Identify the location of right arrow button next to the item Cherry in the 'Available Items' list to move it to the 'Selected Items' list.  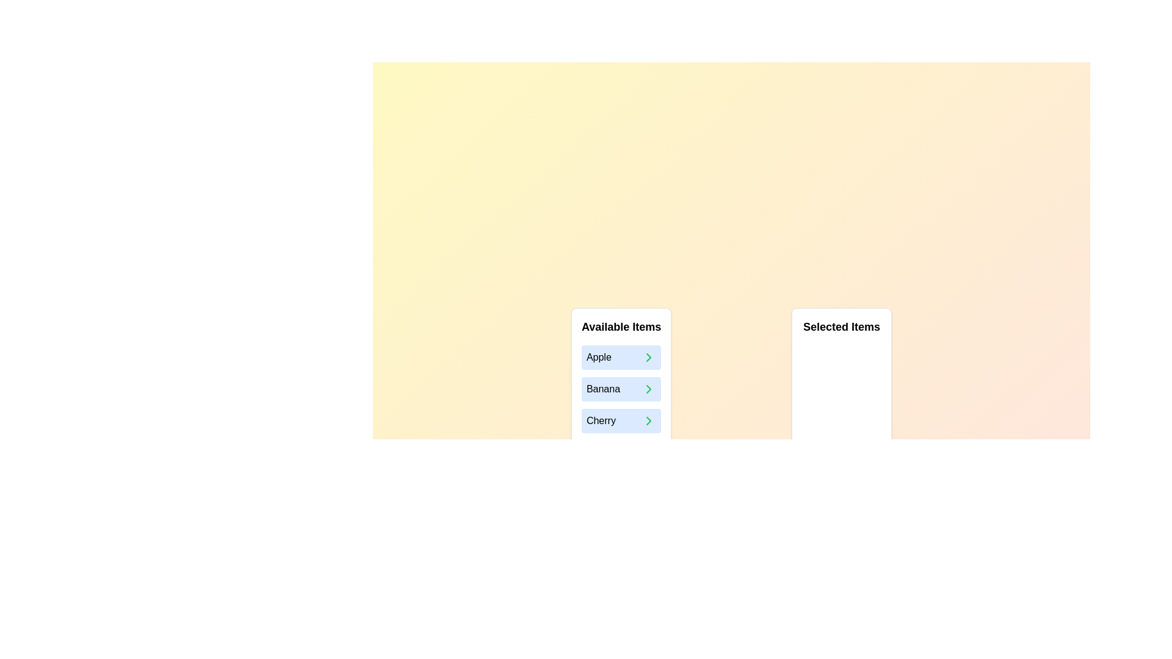
(648, 420).